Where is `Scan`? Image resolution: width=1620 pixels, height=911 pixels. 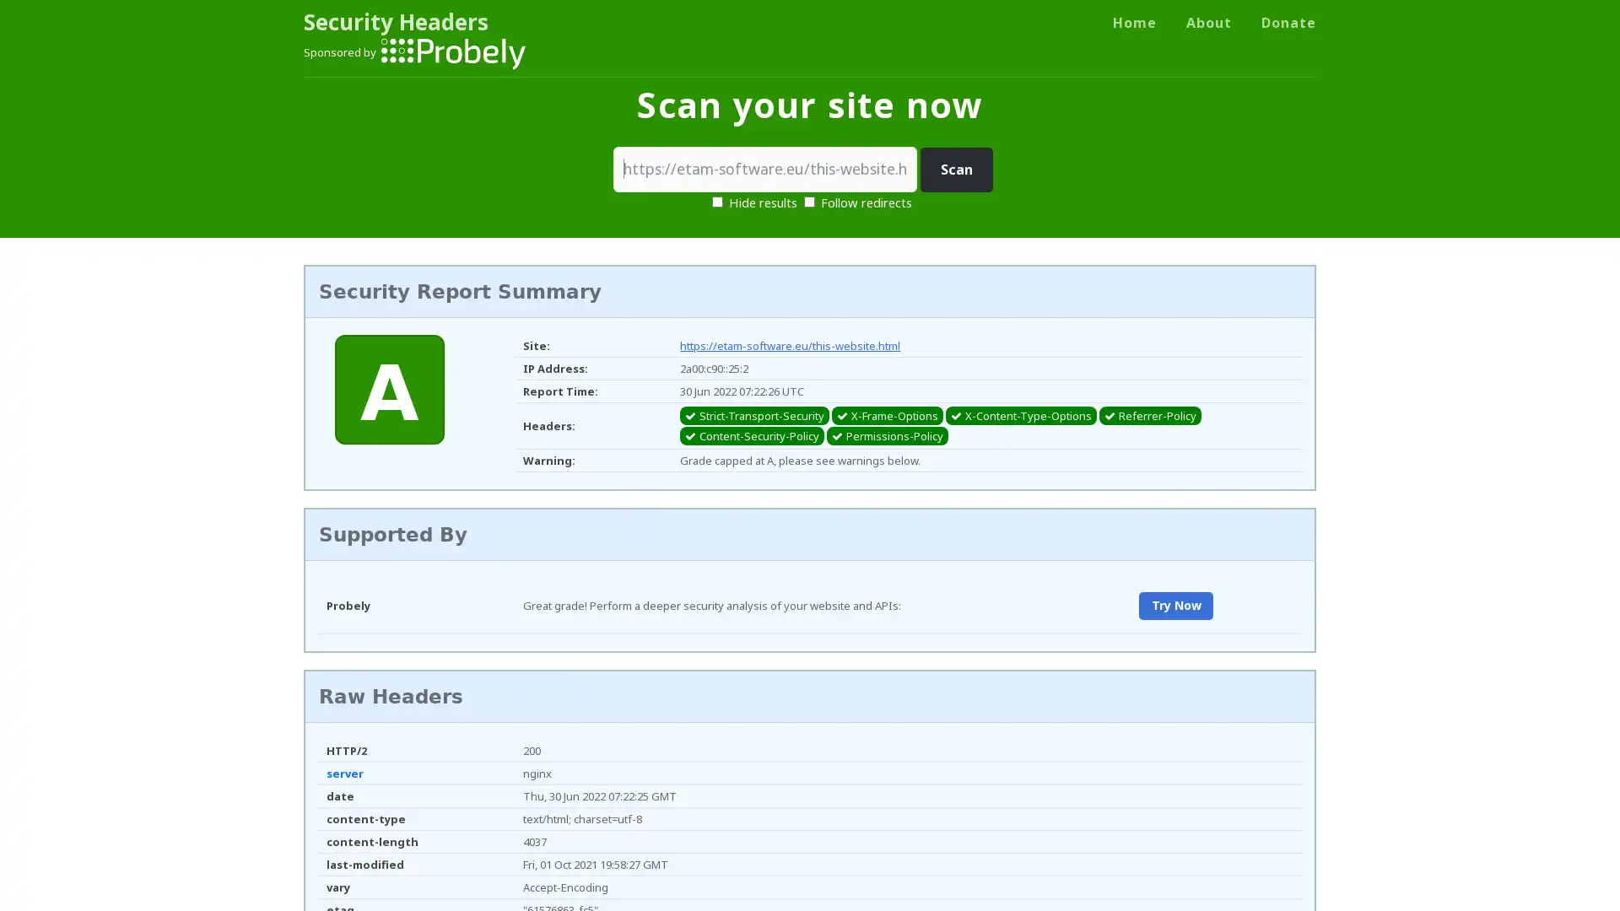
Scan is located at coordinates (956, 170).